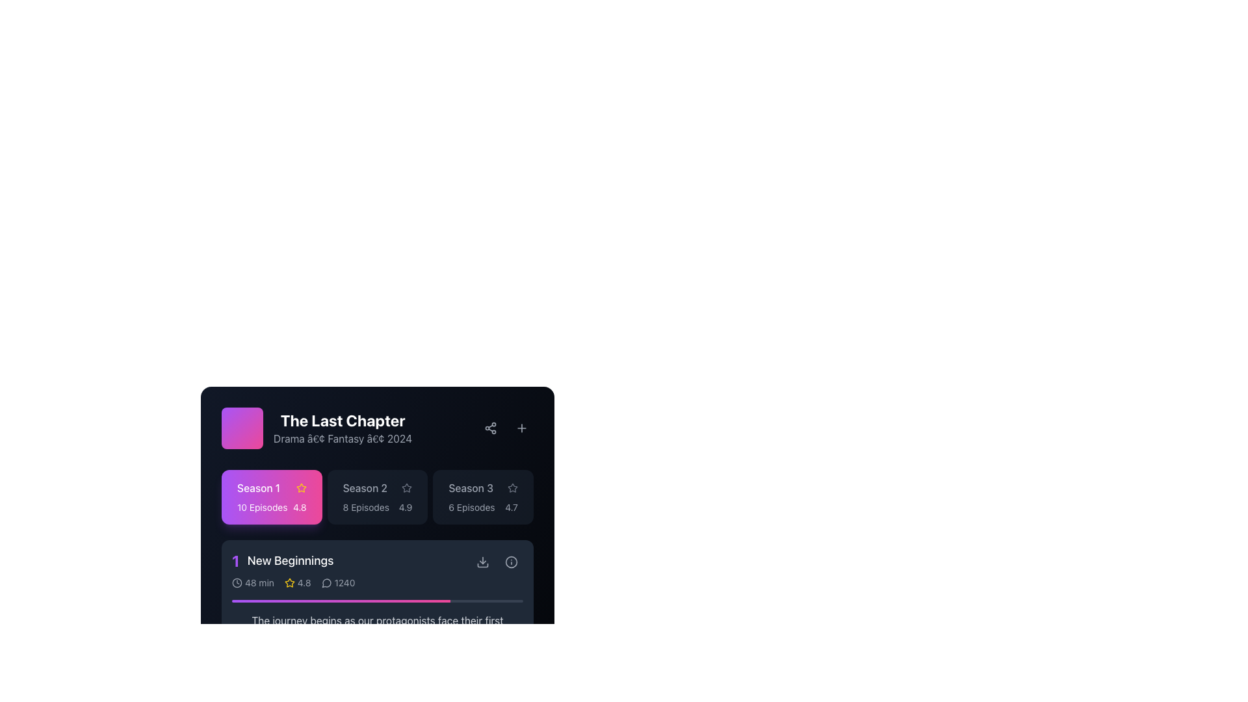  Describe the element at coordinates (376, 506) in the screenshot. I see `the text display element that shows '8 Episodes 4.9', which is located below the 'Season 2' title and is the last piece of information in this section` at that location.